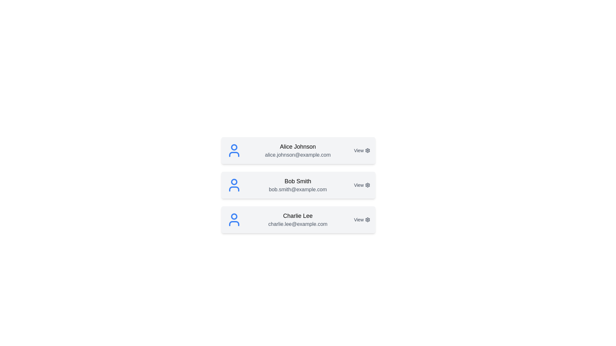 The width and height of the screenshot is (616, 346). What do you see at coordinates (297, 147) in the screenshot?
I see `the text label displaying 'Alice Johnson', which is bold and positioned above the email address 'alice.johnson@example.com'` at bounding box center [297, 147].